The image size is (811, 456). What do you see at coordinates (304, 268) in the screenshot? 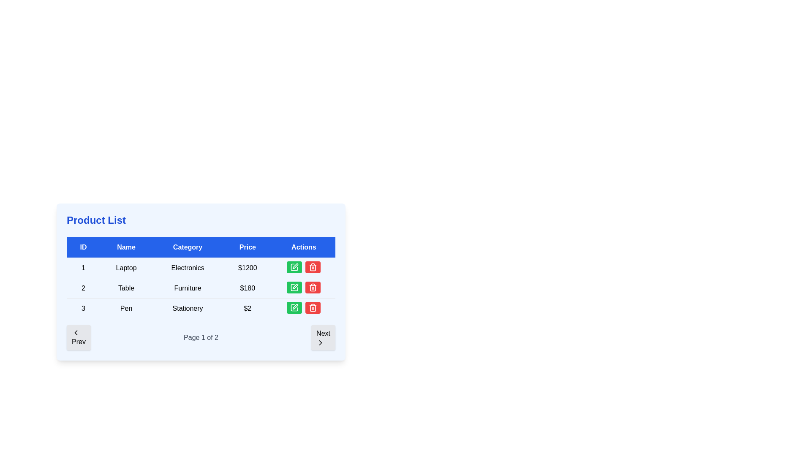
I see `the green button in the 'Actions' column of the first row of the product list` at bounding box center [304, 268].